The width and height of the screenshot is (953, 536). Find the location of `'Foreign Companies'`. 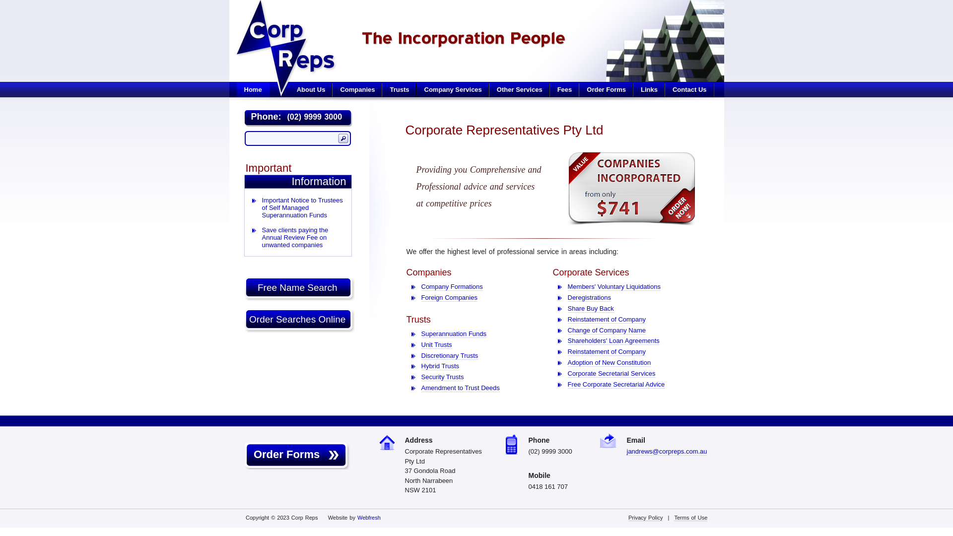

'Foreign Companies' is located at coordinates (448, 297).